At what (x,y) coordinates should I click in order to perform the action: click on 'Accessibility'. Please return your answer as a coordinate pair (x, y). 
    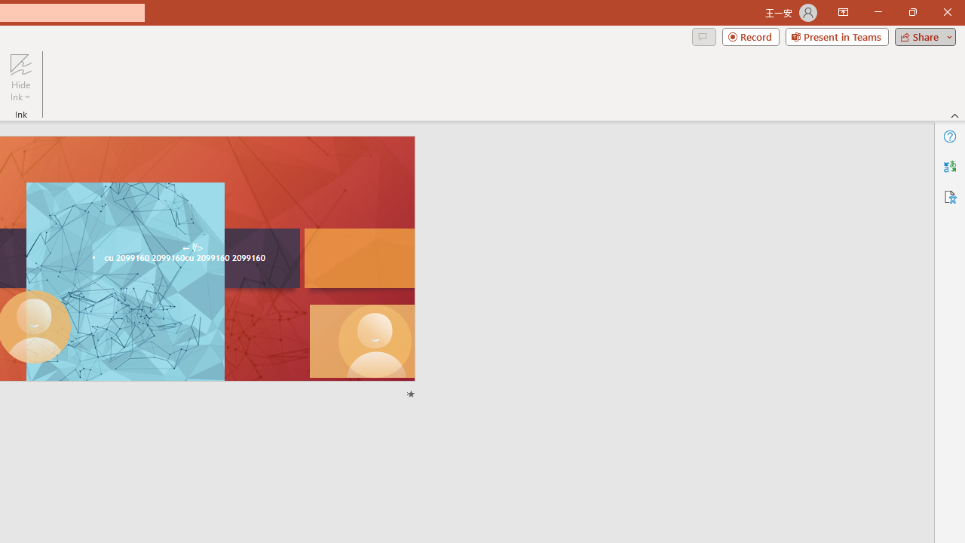
    Looking at the image, I should click on (949, 196).